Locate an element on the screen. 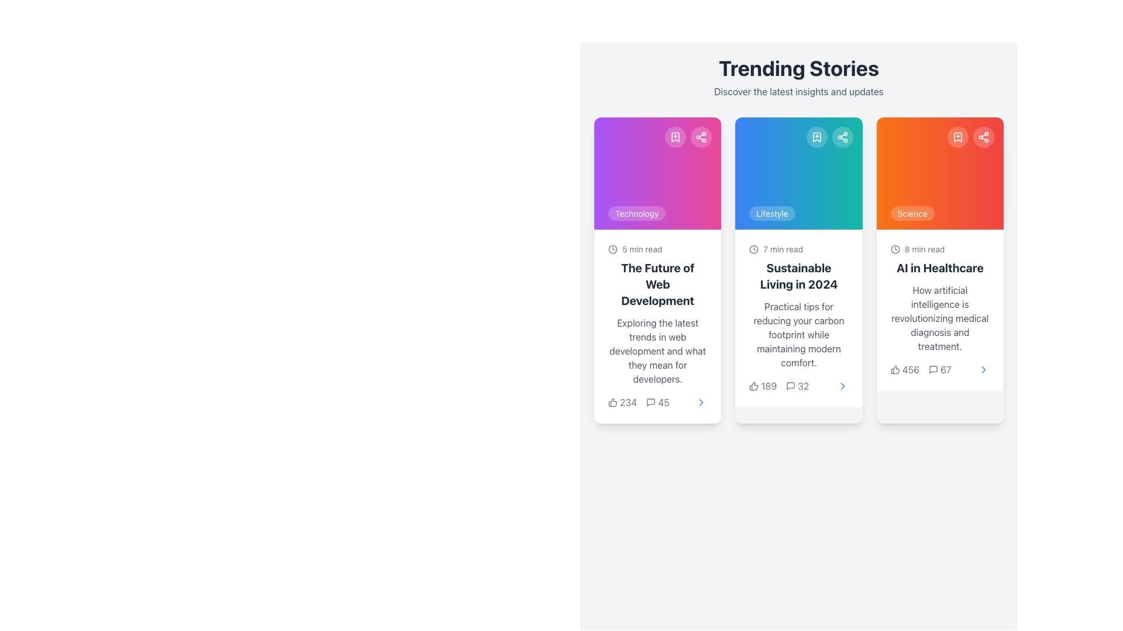 Image resolution: width=1123 pixels, height=631 pixels. the share icon in the button group with icons located at the top-right corner of the 'Science' card in the 'AI in Healthcare' section to share the card is located at coordinates (971, 137).